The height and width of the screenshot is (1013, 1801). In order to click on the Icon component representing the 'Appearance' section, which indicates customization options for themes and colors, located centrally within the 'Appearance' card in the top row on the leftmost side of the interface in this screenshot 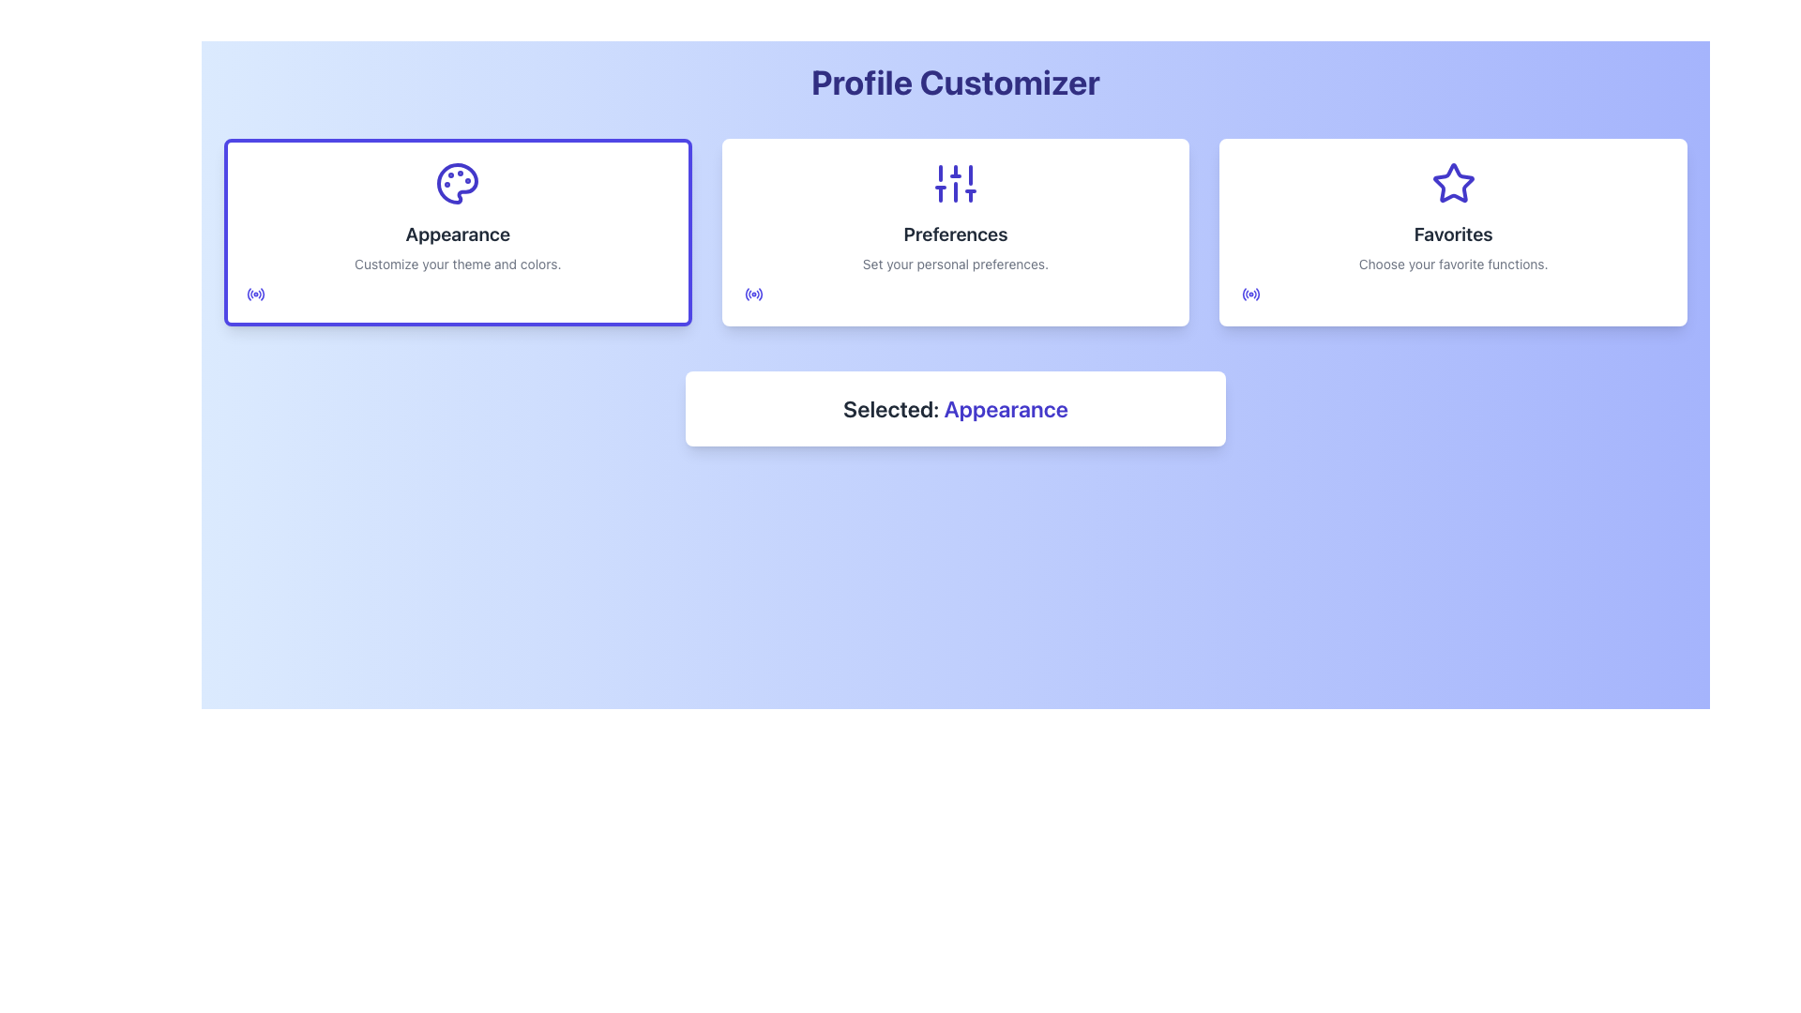, I will do `click(458, 184)`.